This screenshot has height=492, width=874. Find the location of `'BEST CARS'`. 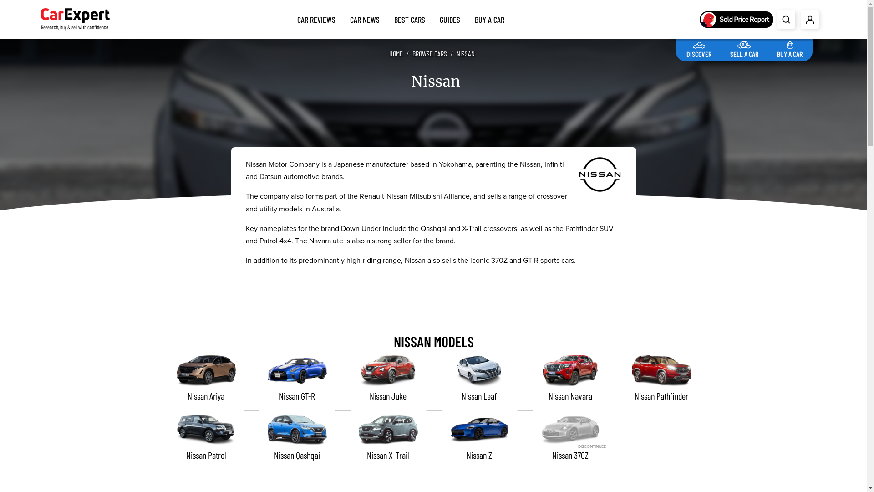

'BEST CARS' is located at coordinates (409, 17).